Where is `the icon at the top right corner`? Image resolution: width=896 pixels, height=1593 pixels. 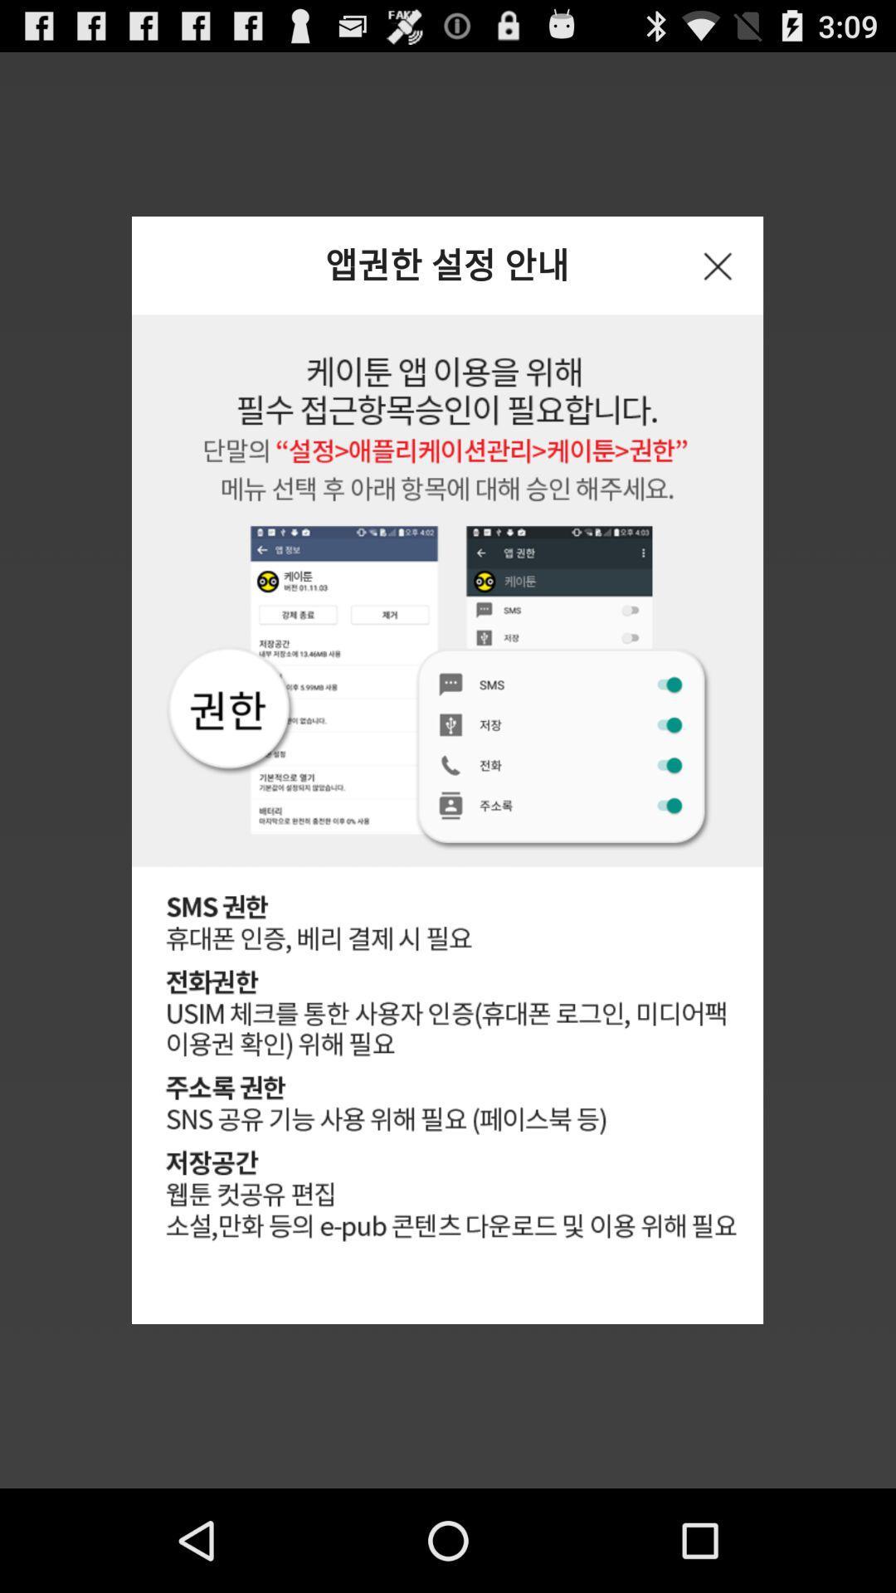
the icon at the top right corner is located at coordinates (717, 264).